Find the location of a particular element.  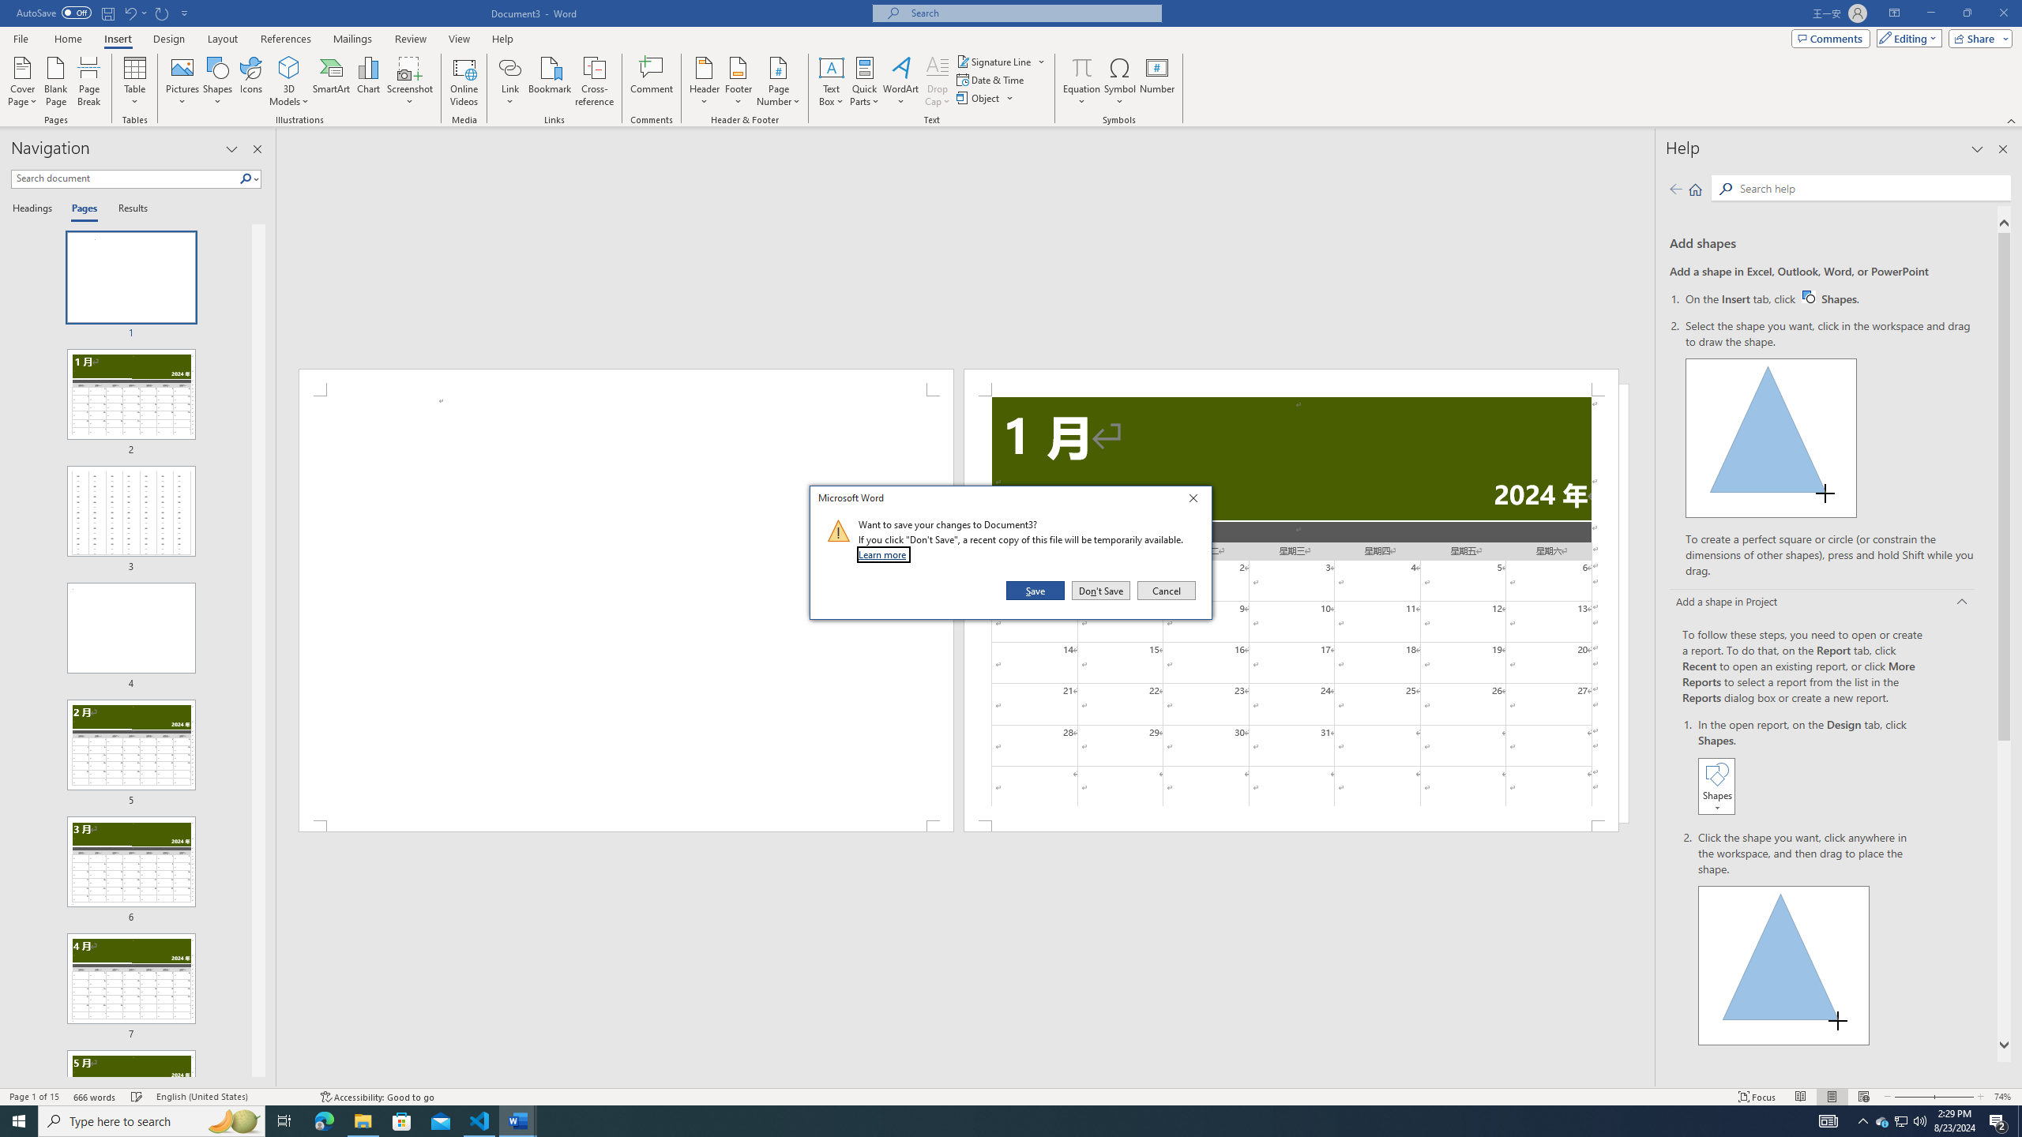

'Search document' is located at coordinates (125, 178).